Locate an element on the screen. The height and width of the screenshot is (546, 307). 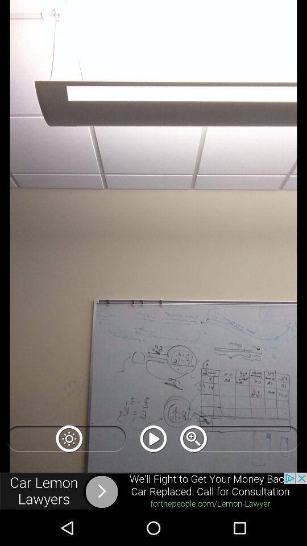
play is located at coordinates (153, 438).